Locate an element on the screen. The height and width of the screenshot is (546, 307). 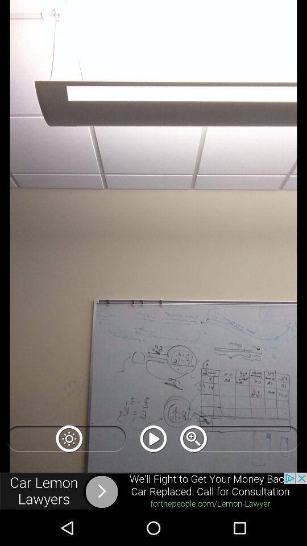
play is located at coordinates (153, 438).